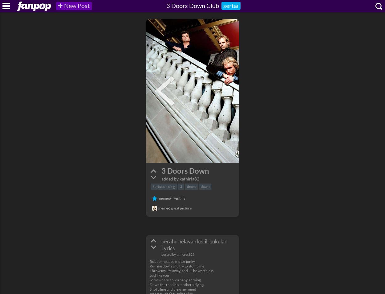  I want to click on 'perahu nelayan kecil, pukulan Lyrics', so click(194, 244).